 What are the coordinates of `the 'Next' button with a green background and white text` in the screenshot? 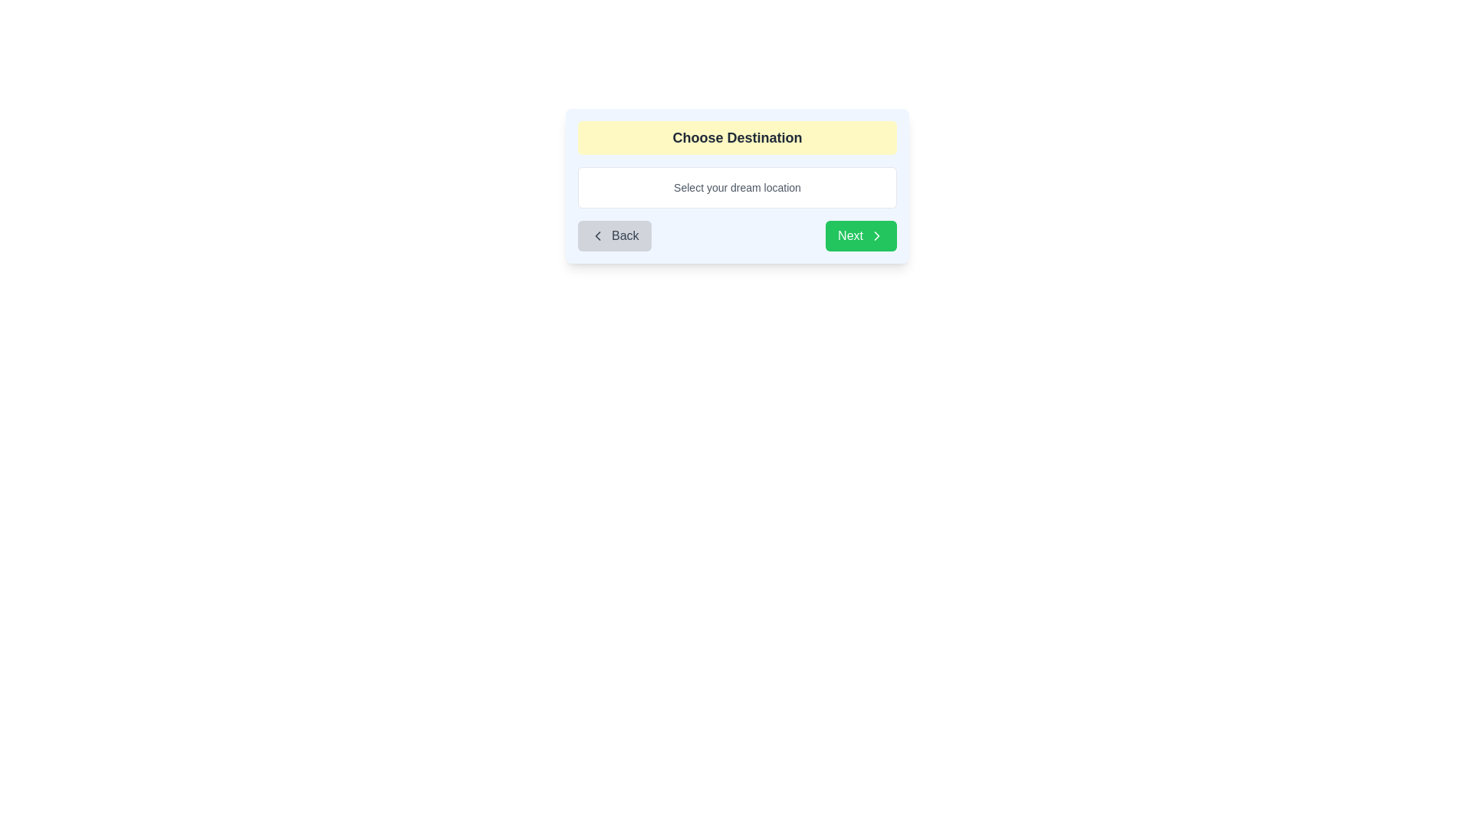 It's located at (861, 236).